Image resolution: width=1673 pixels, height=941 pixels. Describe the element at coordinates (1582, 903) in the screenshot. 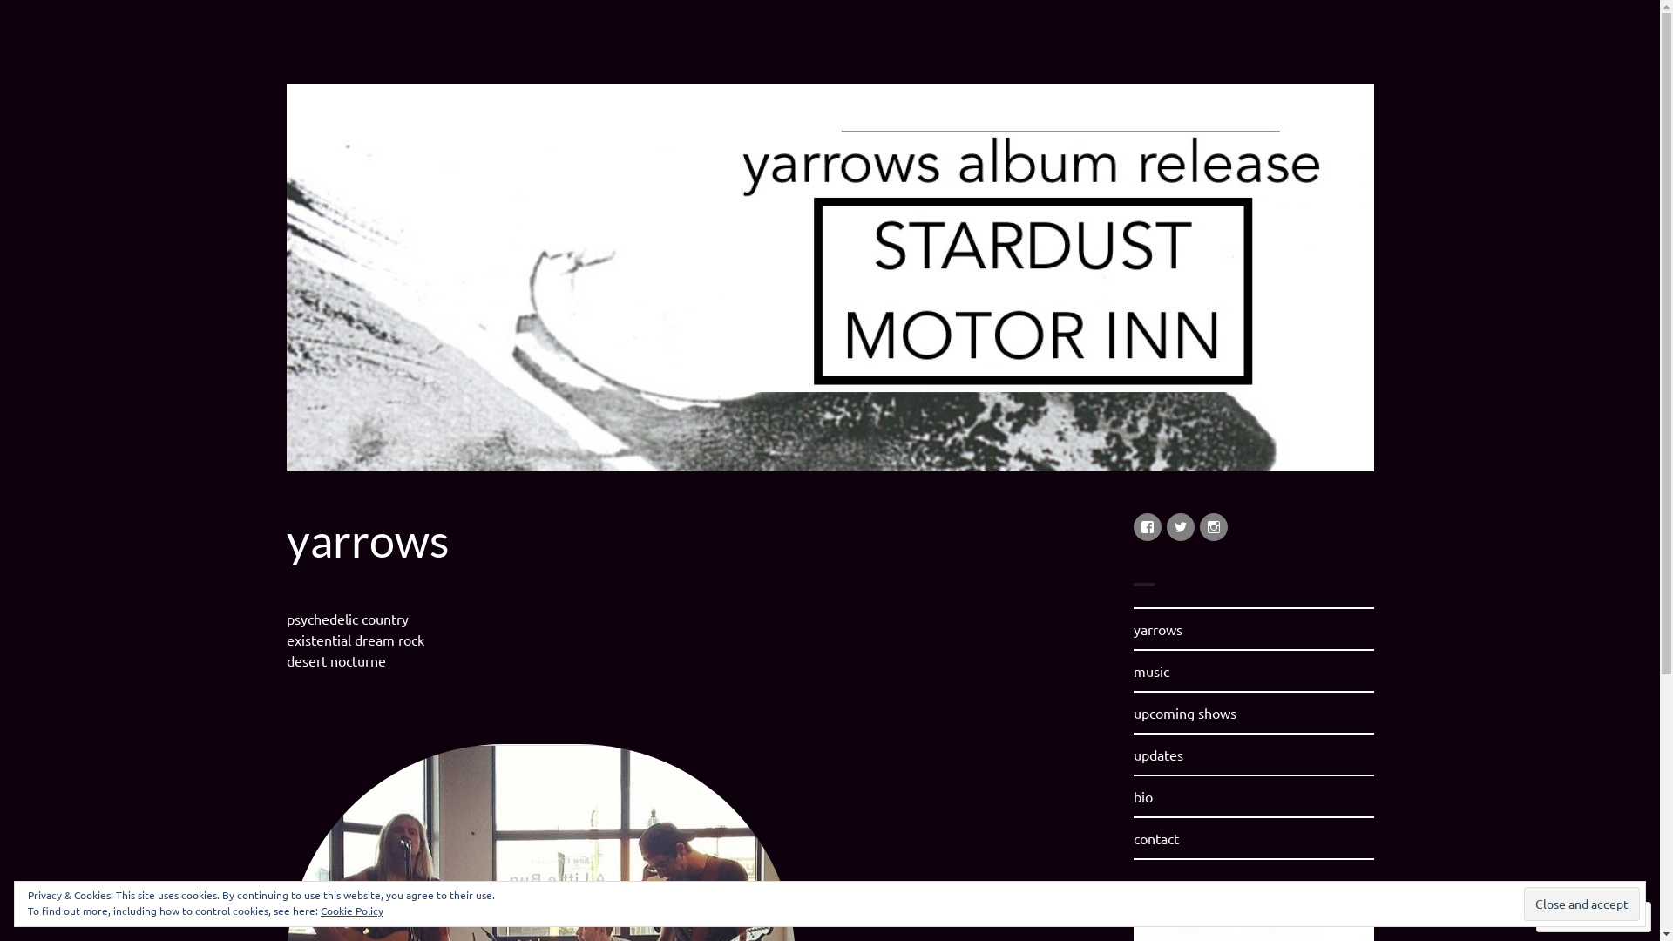

I see `'Close and accept'` at that location.